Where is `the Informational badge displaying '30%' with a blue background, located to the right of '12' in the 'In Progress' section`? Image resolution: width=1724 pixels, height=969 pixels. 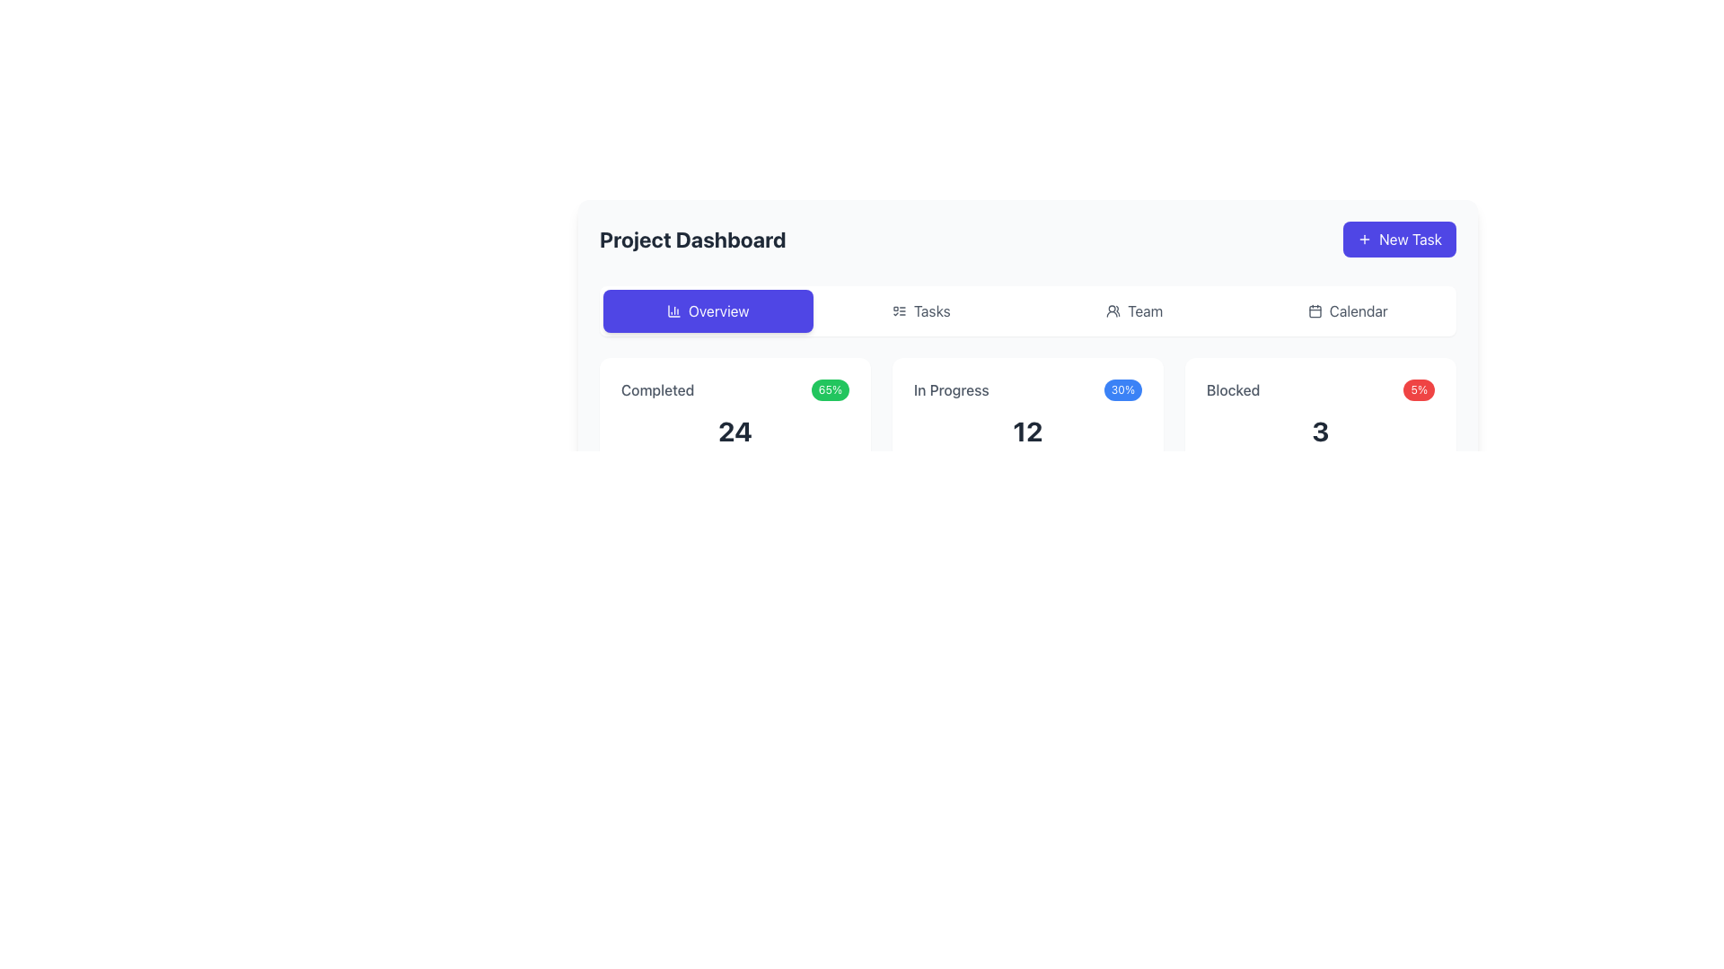 the Informational badge displaying '30%' with a blue background, located to the right of '12' in the 'In Progress' section is located at coordinates (1121, 389).